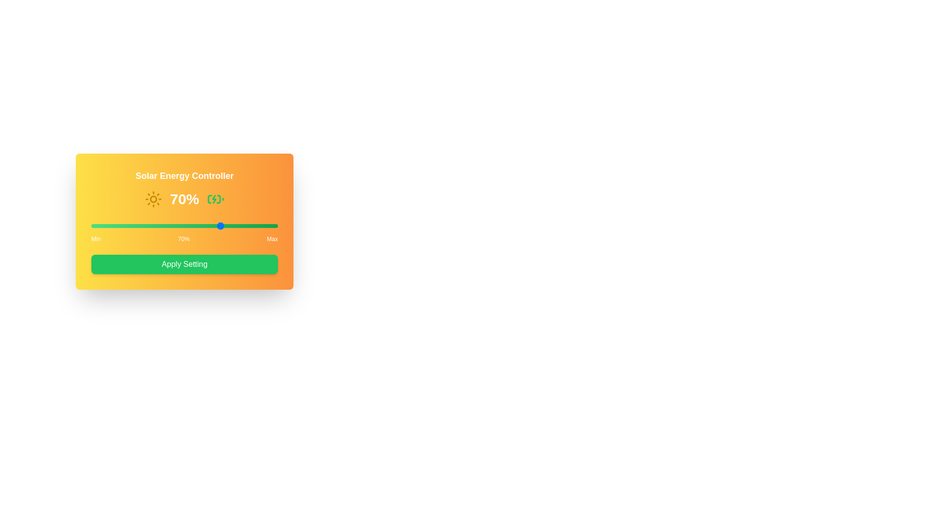 The image size is (933, 525). What do you see at coordinates (91, 226) in the screenshot?
I see `the solar input slider to 0%` at bounding box center [91, 226].